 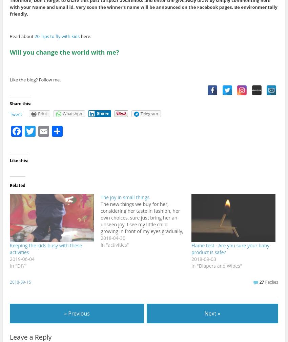 What do you see at coordinates (30, 337) in the screenshot?
I see `'Leave a Reply'` at bounding box center [30, 337].